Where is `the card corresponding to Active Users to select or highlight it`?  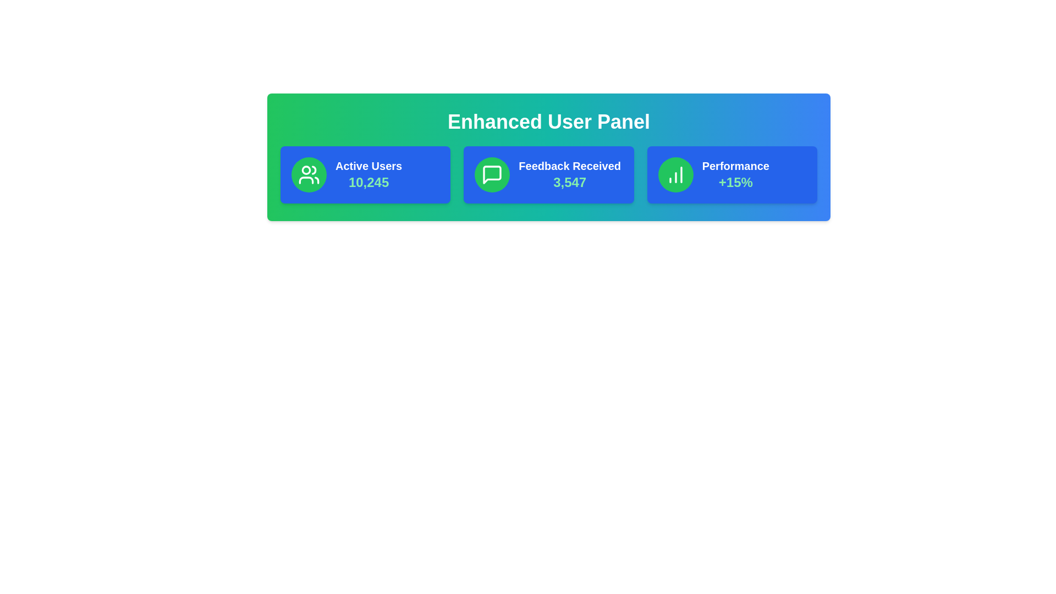 the card corresponding to Active Users to select or highlight it is located at coordinates (365, 174).